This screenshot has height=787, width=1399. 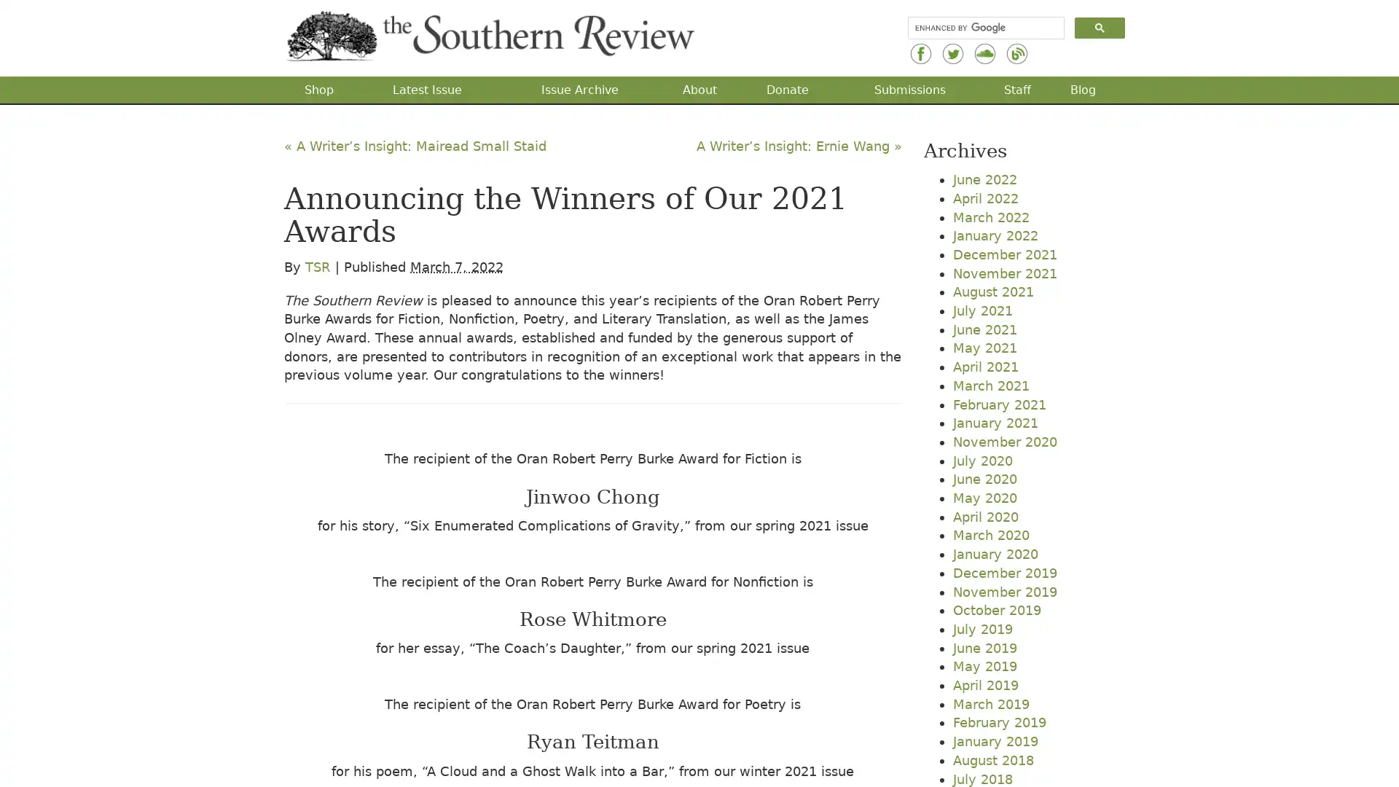 I want to click on search, so click(x=1100, y=27).